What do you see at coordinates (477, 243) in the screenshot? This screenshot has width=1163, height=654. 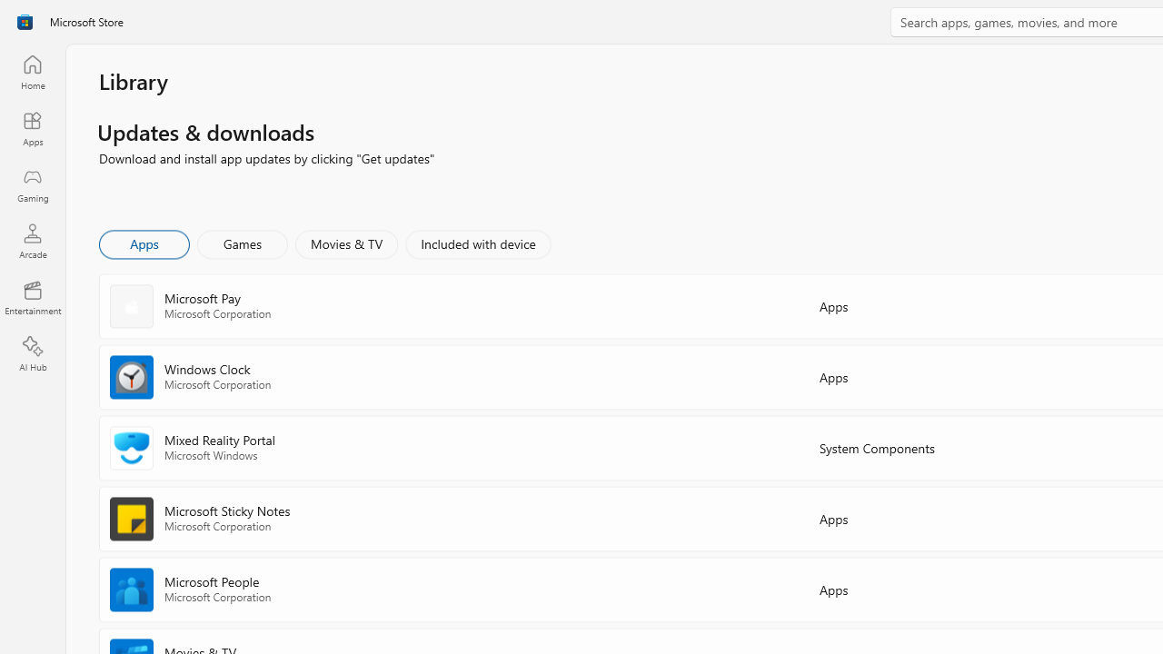 I see `'Included with device'` at bounding box center [477, 243].